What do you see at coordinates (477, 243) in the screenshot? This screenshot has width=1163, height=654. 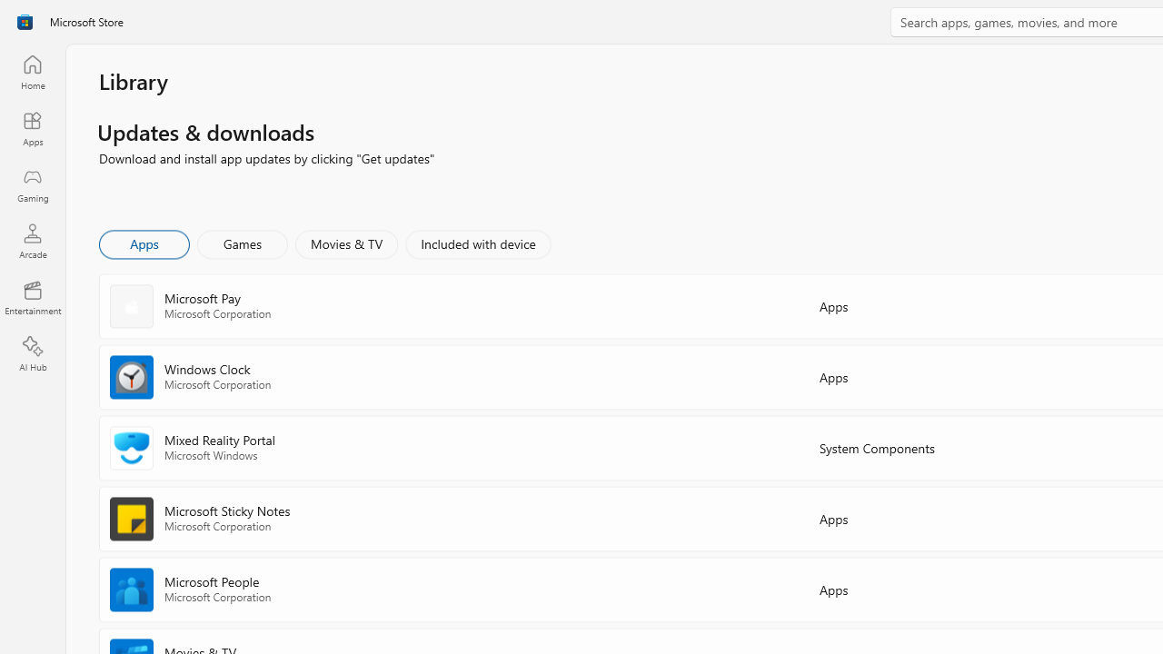 I see `'Included with device'` at bounding box center [477, 243].